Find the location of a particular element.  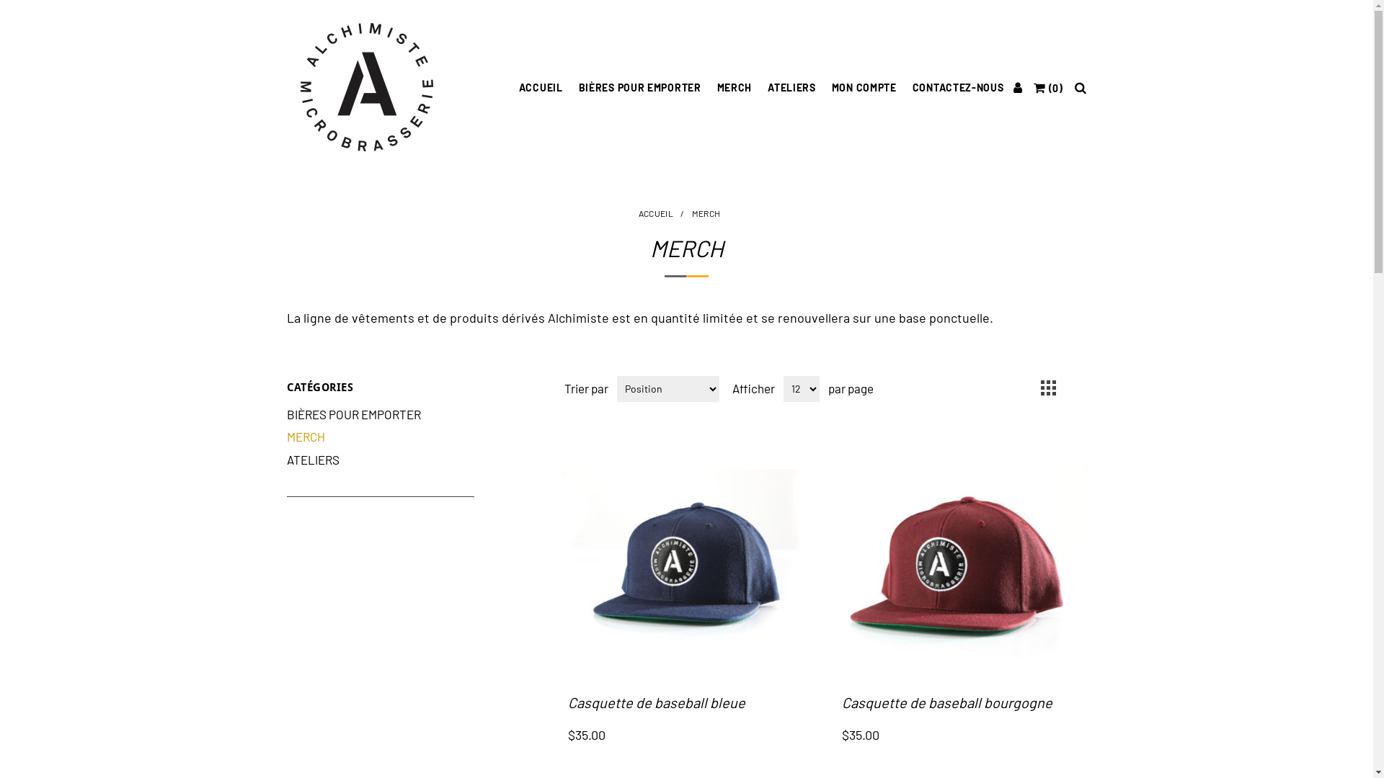

'Liste' is located at coordinates (1073, 386).